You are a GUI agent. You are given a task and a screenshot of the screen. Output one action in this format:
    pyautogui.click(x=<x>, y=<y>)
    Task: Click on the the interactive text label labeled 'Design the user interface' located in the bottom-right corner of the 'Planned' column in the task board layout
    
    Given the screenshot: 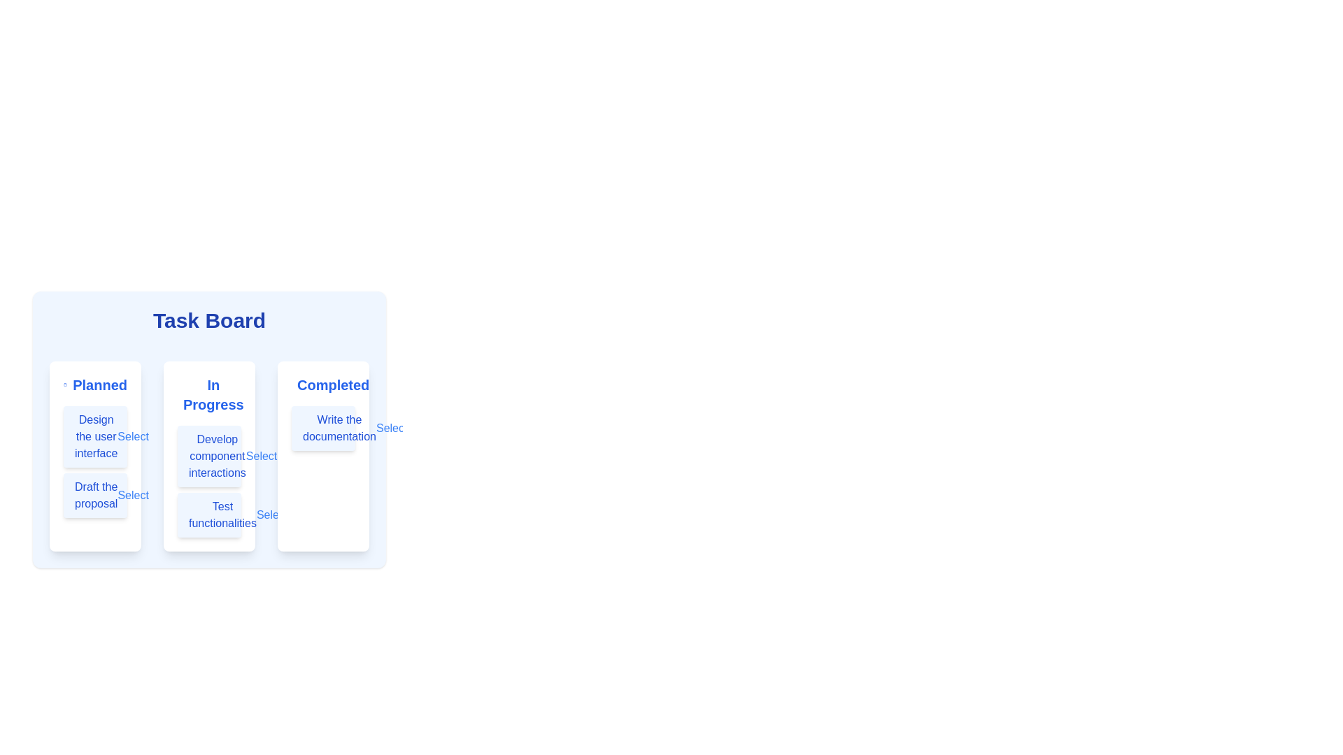 What is the action you would take?
    pyautogui.click(x=133, y=436)
    